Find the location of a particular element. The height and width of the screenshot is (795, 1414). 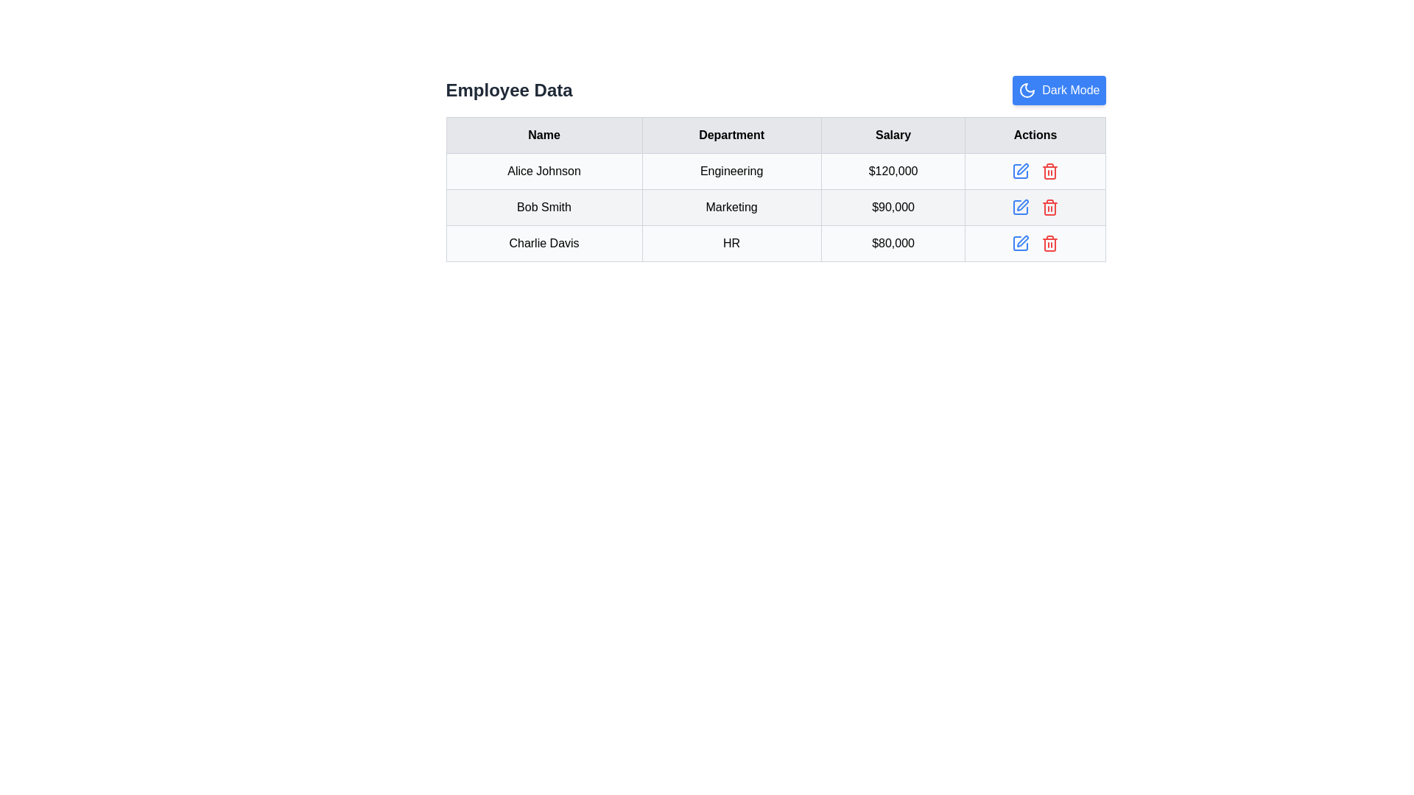

the 'Name' column header cell in the employee data table is located at coordinates (544, 135).